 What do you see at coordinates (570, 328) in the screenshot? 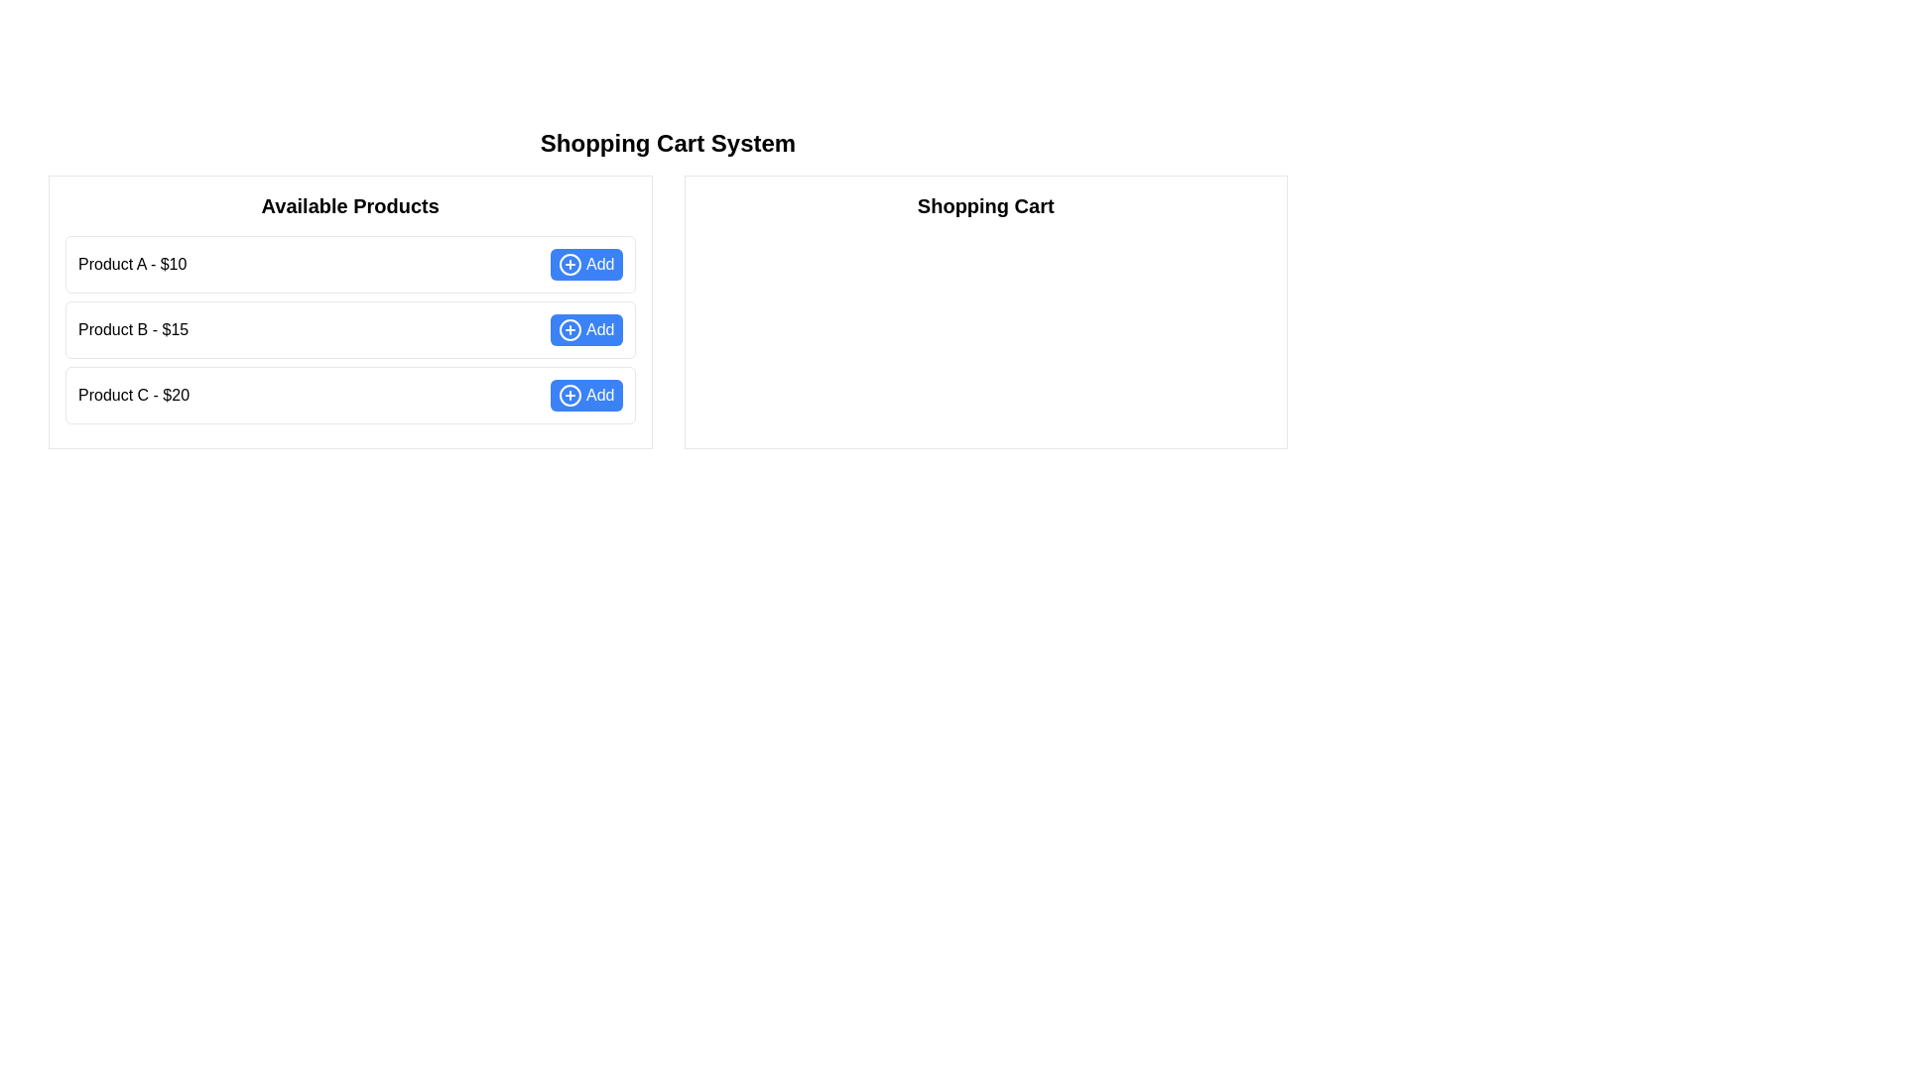
I see `the SVG circle that is the central part of the '+' icon within the 'Add' button for the second product in the 'Available Products' list` at bounding box center [570, 328].